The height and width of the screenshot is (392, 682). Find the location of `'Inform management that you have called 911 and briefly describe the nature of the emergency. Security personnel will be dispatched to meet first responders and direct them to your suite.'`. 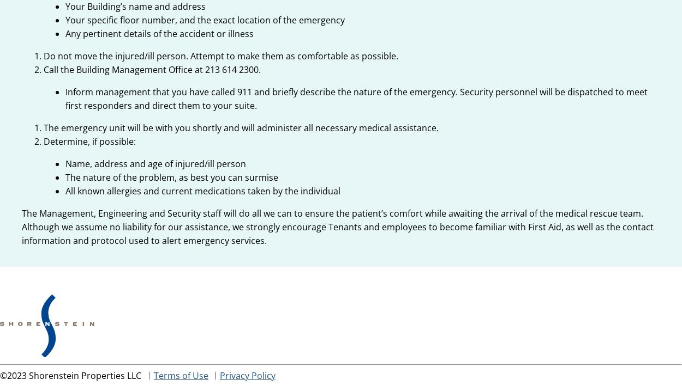

'Inform management that you have called 911 and briefly describe the nature of the emergency. Security personnel will be dispatched to meet first responders and direct them to your suite.' is located at coordinates (356, 99).